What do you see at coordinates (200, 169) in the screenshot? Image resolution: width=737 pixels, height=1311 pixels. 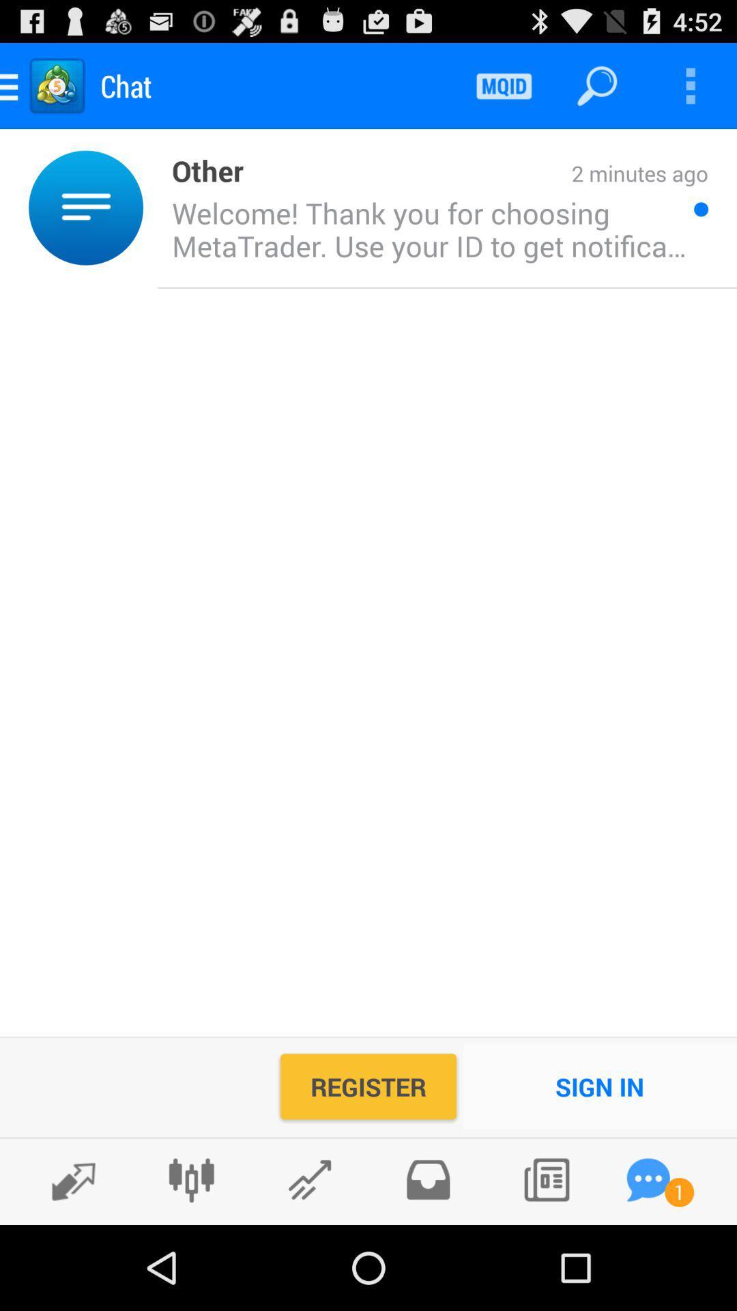 I see `the other icon` at bounding box center [200, 169].